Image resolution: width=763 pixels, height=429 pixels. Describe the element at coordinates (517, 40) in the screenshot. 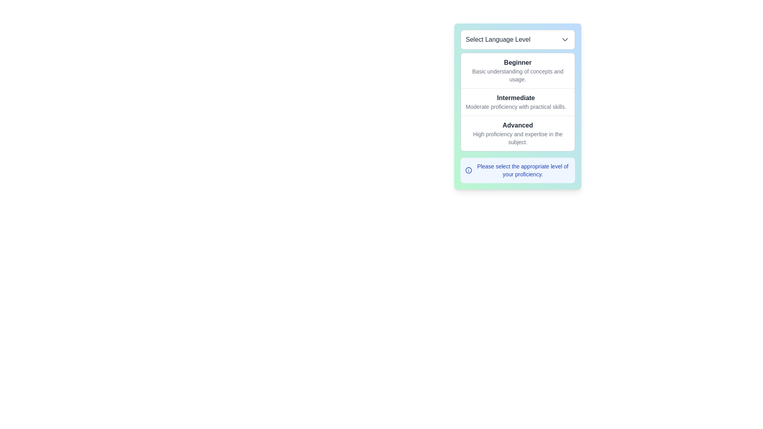

I see `the Dropdown-trigger component labeled 'Select Language Level'` at that location.